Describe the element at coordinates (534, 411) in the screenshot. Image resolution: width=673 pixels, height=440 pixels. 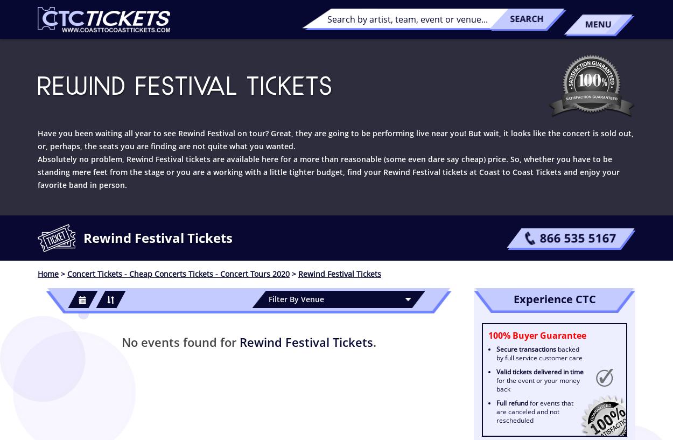
I see `'for events that are canceled and not rescheduled'` at that location.